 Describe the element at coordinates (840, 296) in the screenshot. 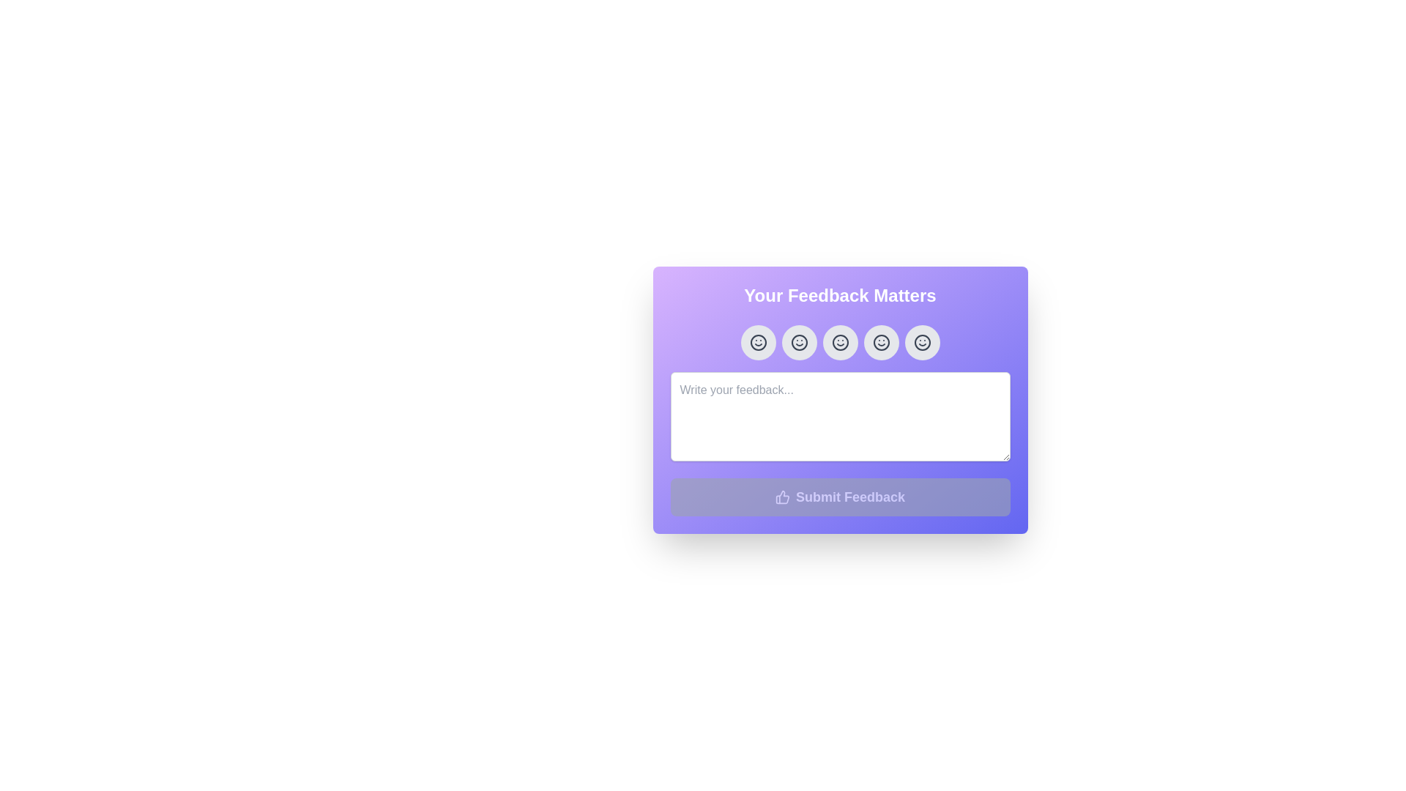

I see `the bold, centered title 'Your Feedback Matters' at the top of the feedback card` at that location.